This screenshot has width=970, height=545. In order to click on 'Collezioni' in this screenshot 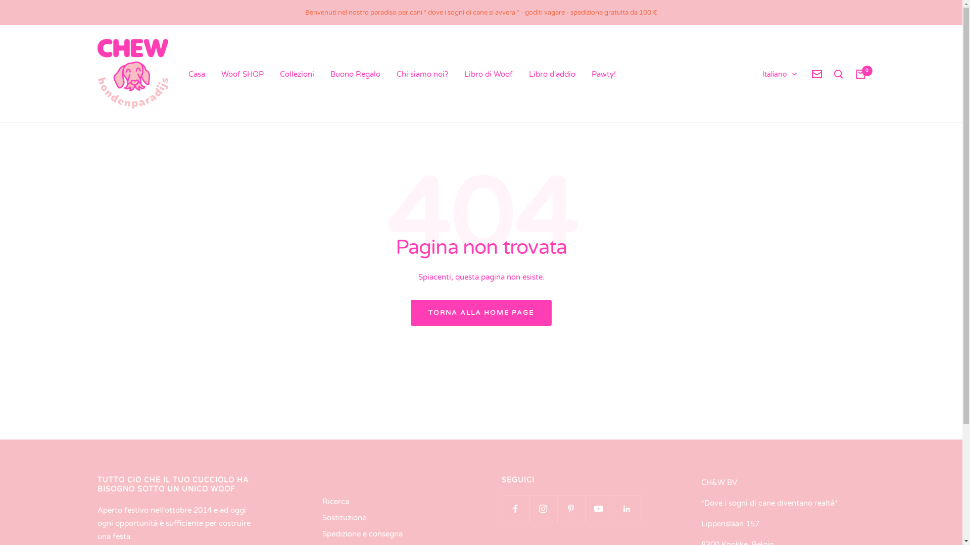, I will do `click(279, 73)`.